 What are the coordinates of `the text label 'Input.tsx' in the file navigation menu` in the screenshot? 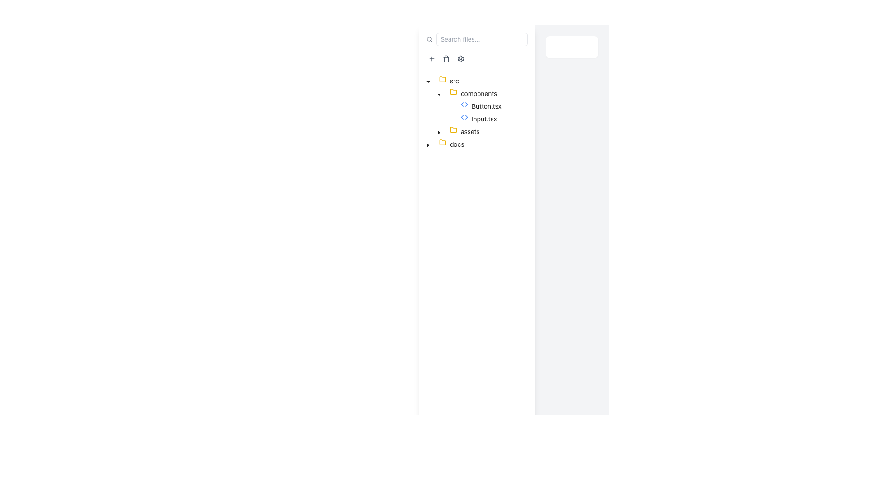 It's located at (483, 118).